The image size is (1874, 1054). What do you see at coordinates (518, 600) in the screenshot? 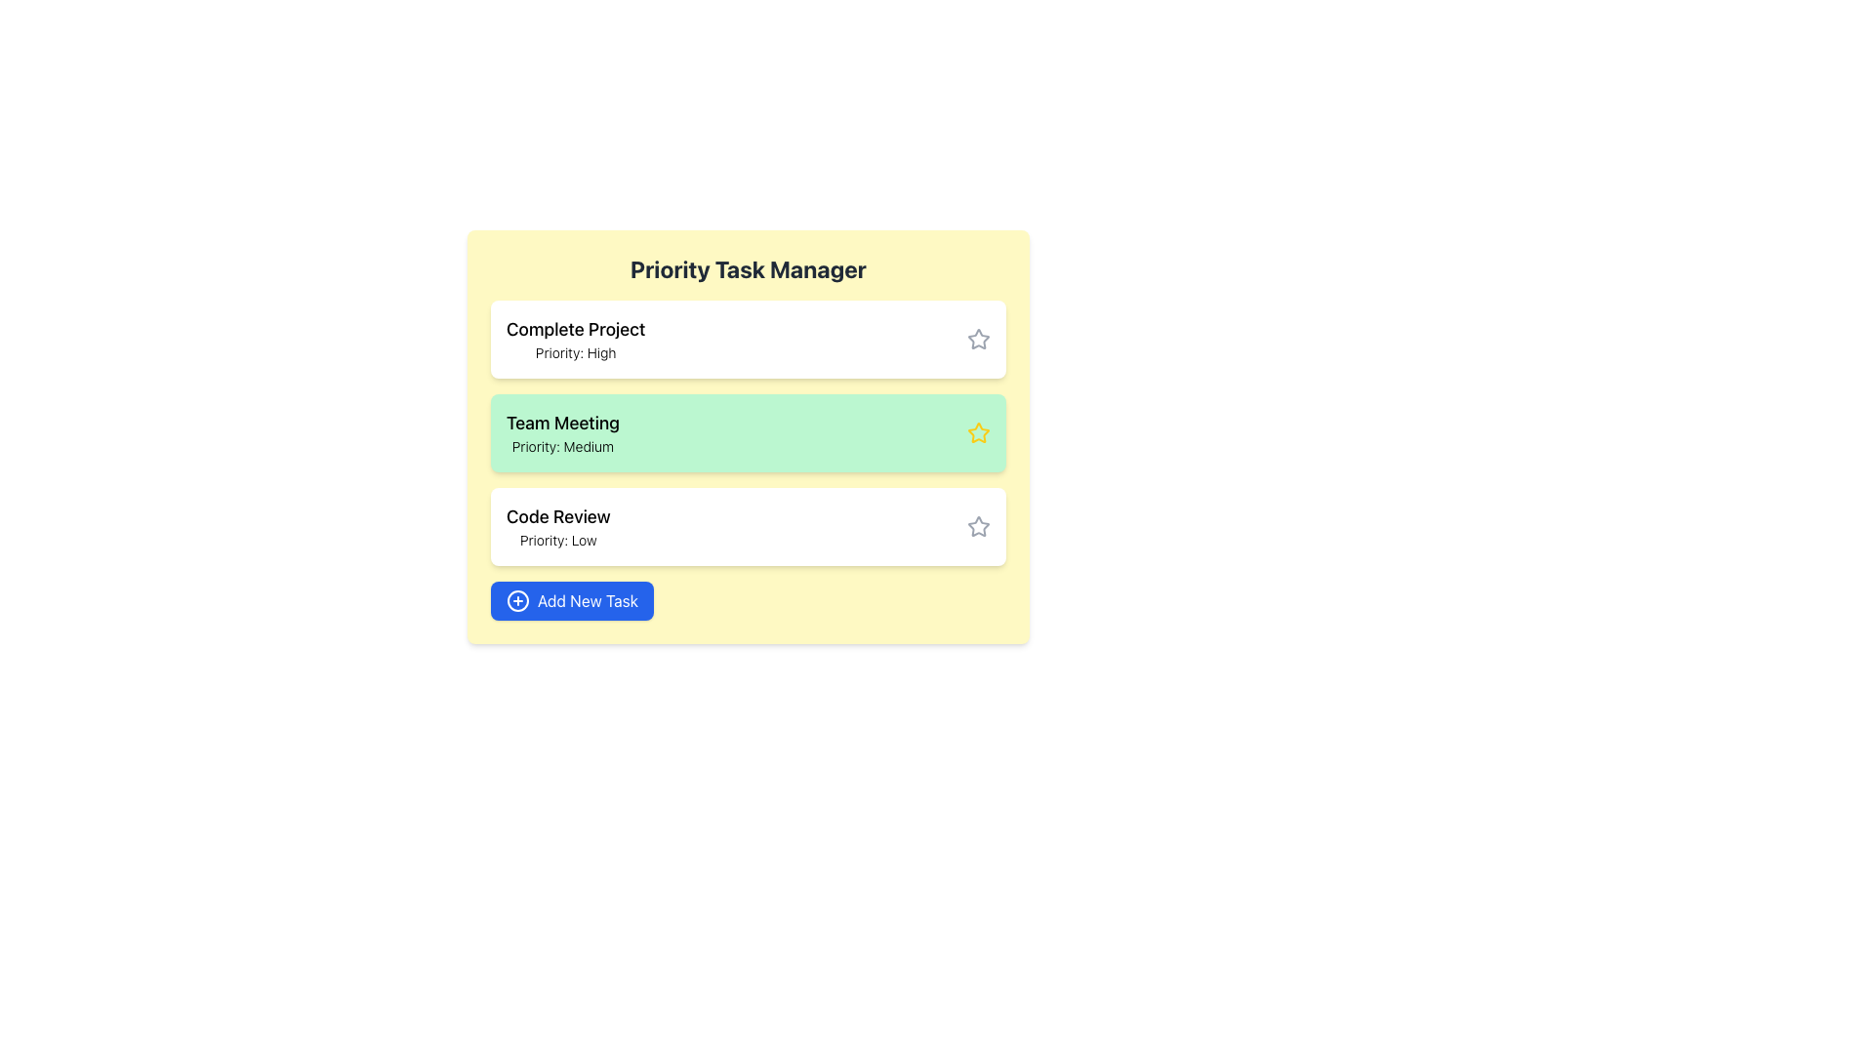
I see `the Decorative SVG Icon, which is a circular icon with a '+' symbol inside, featuring a blue background and white border, positioned to the left of the 'Add New Task' text in the button` at bounding box center [518, 600].